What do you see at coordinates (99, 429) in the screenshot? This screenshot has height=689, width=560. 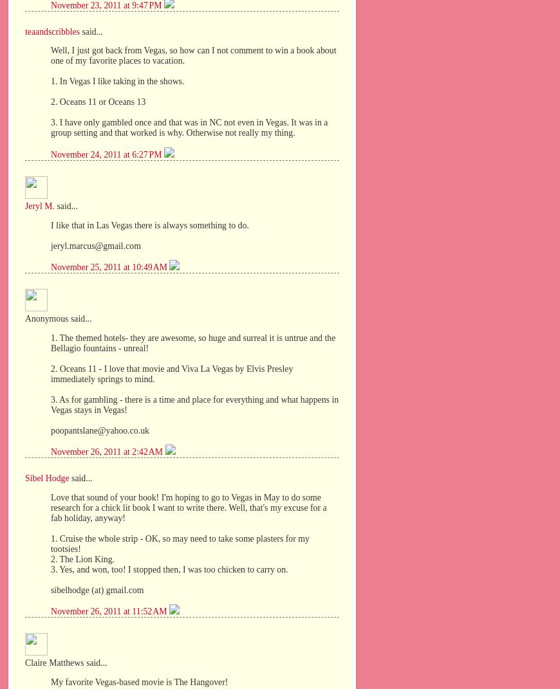 I see `'poopantslane@yahoo.co.uk'` at bounding box center [99, 429].